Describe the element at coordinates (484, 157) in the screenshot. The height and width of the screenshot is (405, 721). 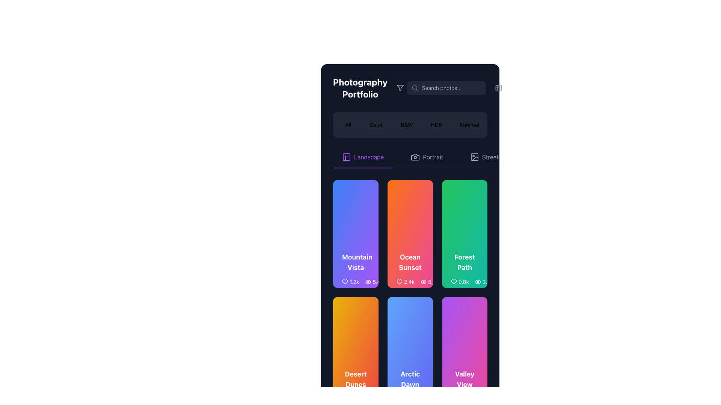
I see `the 'Street' button, which is a text label with an image icon on a dark gray background, located at the third position in its row of sibling elements` at that location.